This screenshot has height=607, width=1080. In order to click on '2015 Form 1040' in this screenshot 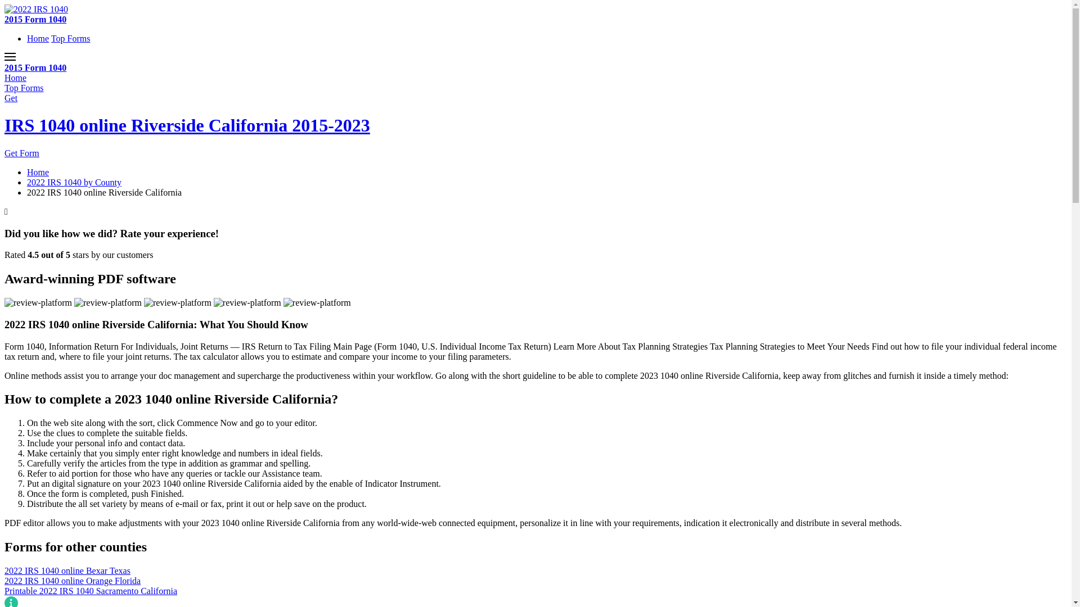, I will do `click(35, 67)`.